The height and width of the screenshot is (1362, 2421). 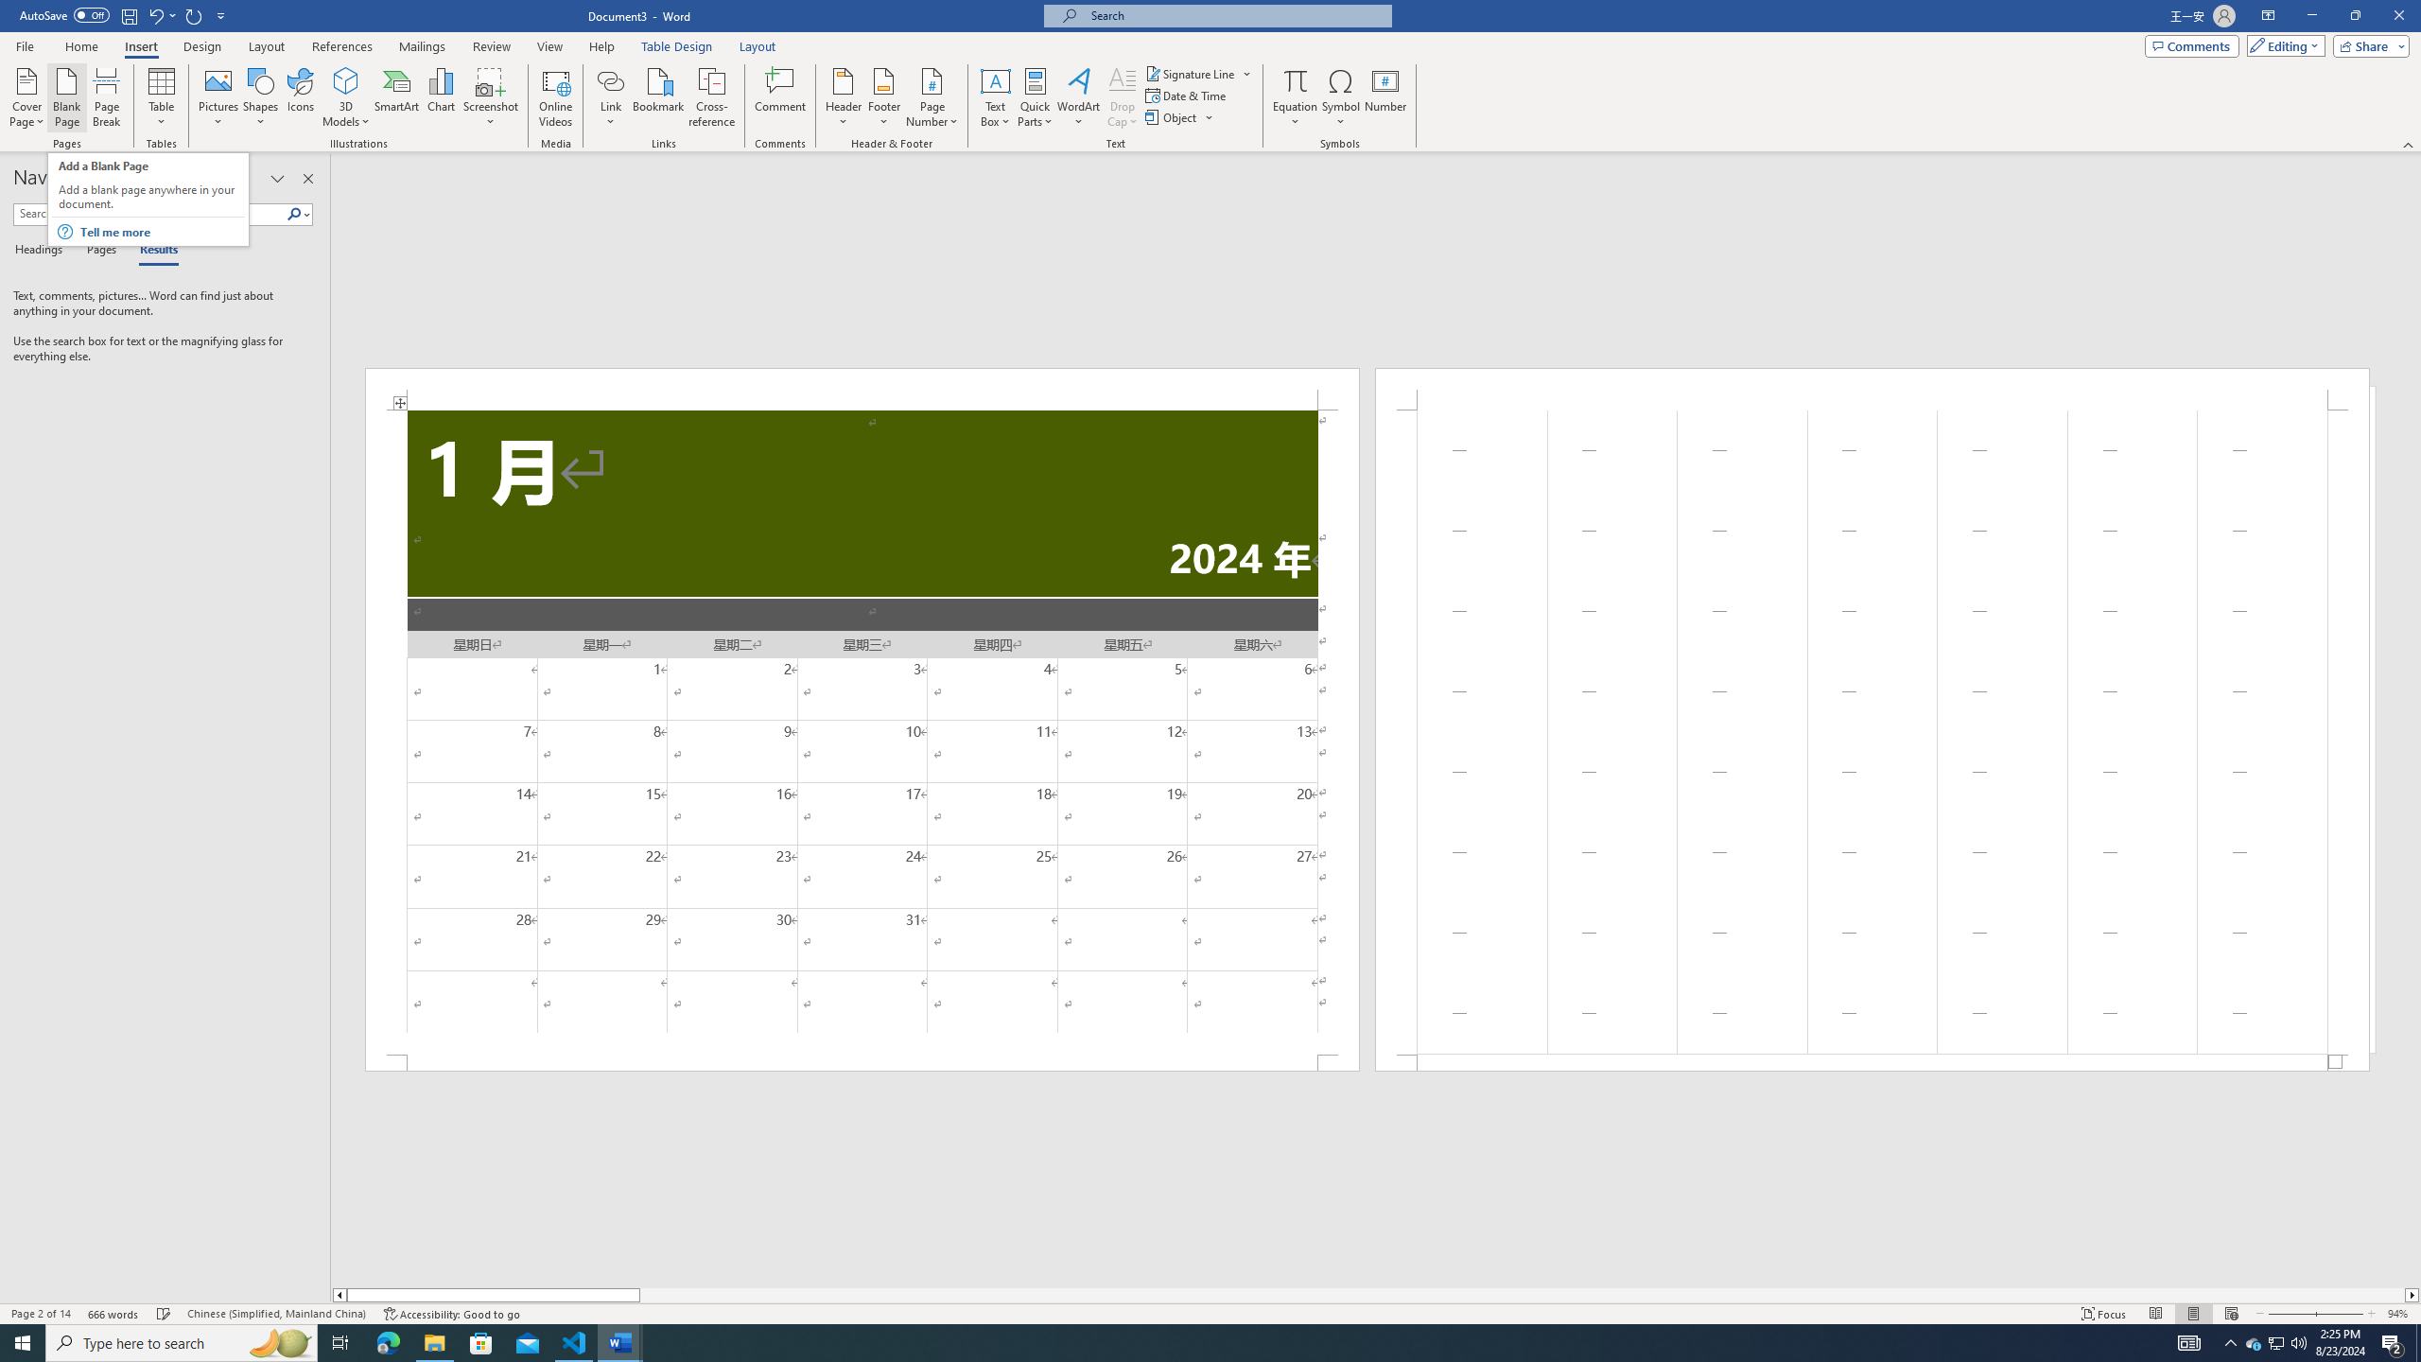 What do you see at coordinates (1191, 73) in the screenshot?
I see `'Signature Line'` at bounding box center [1191, 73].